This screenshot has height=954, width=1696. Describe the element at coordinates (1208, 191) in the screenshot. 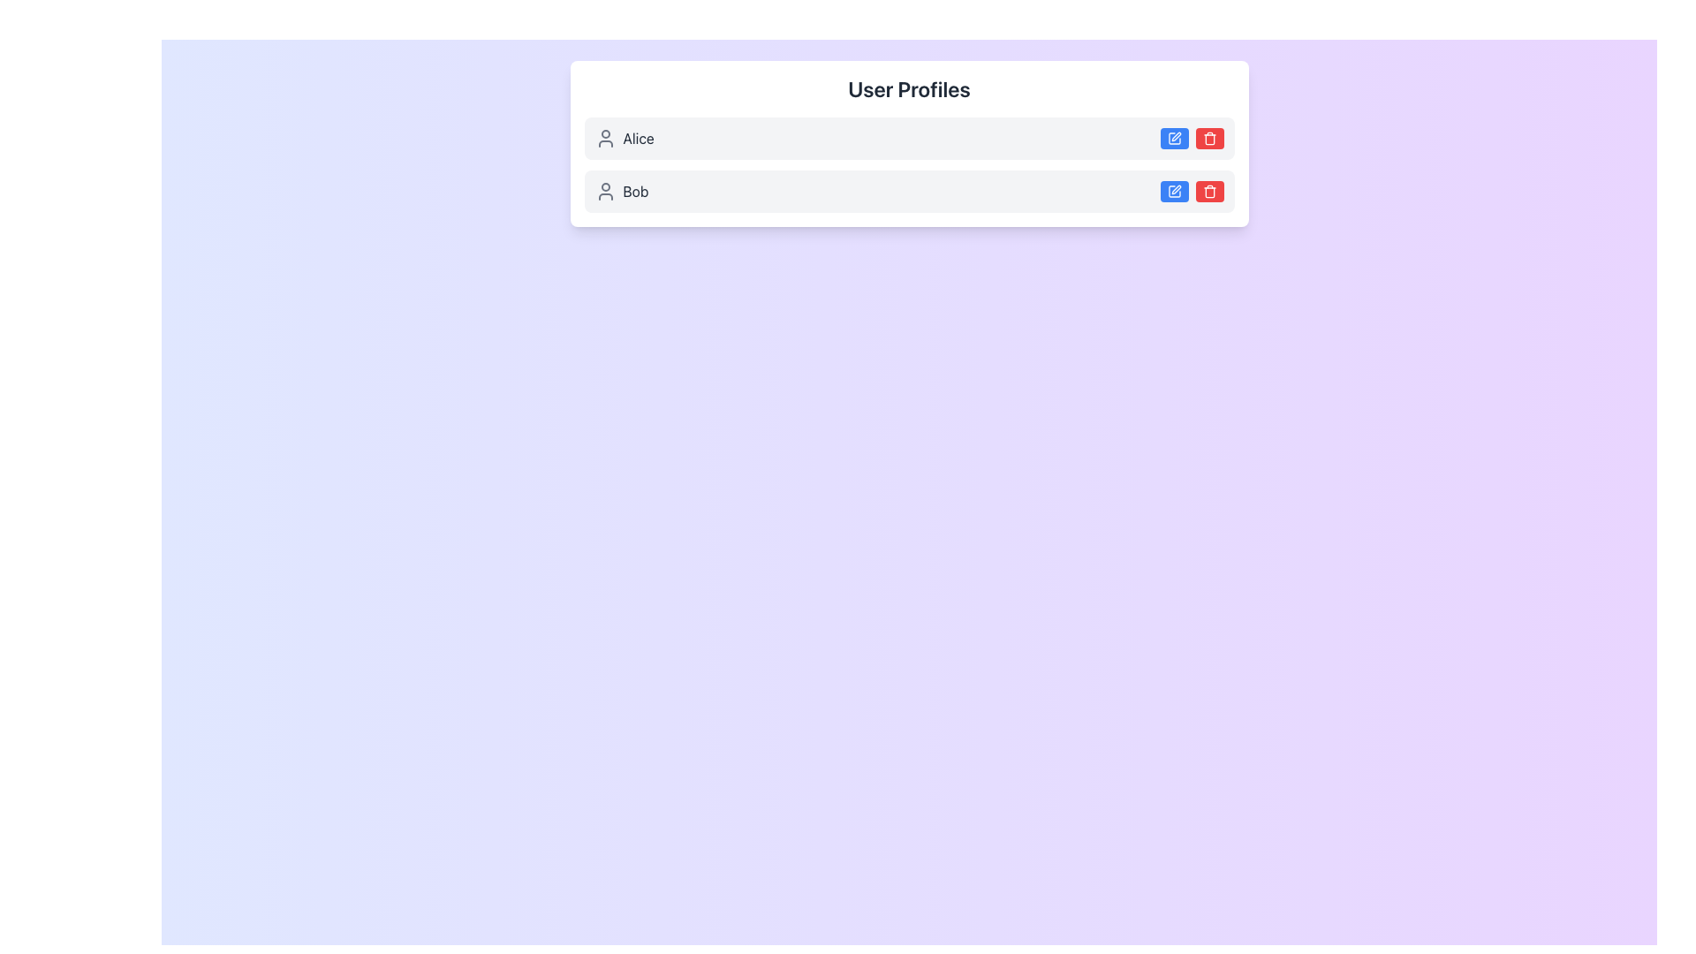

I see `the red trash bin icon` at that location.